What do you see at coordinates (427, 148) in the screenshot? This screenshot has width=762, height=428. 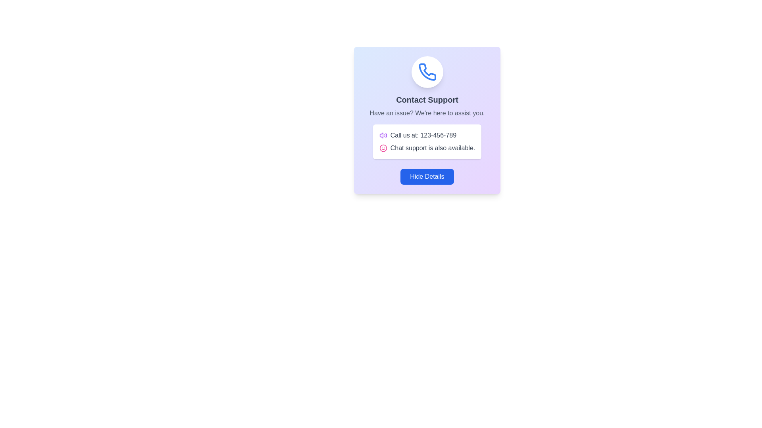 I see `the text block with an accompanying icon that indicates chat support availability, located below the 'Call us at: 123-456-789' text inside a white box with rounded corners` at bounding box center [427, 148].